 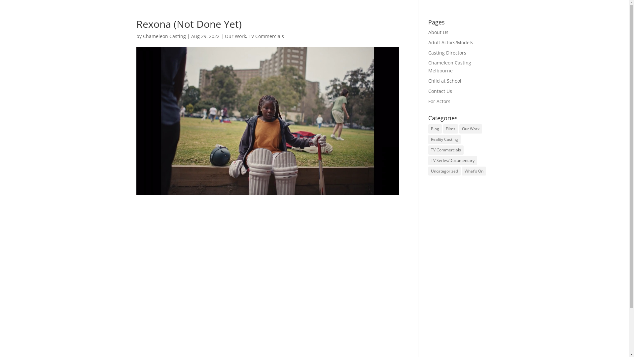 What do you see at coordinates (474, 171) in the screenshot?
I see `'What's On'` at bounding box center [474, 171].